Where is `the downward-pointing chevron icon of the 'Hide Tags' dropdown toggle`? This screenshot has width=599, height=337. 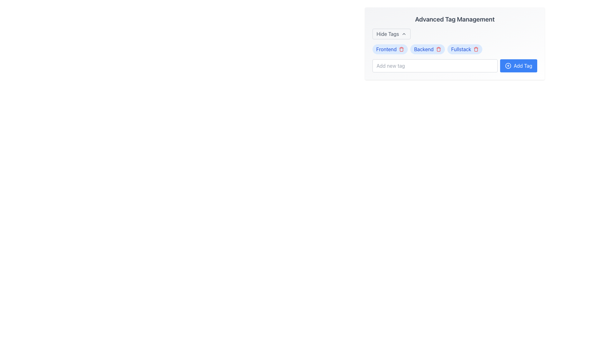
the downward-pointing chevron icon of the 'Hide Tags' dropdown toggle is located at coordinates (404, 34).